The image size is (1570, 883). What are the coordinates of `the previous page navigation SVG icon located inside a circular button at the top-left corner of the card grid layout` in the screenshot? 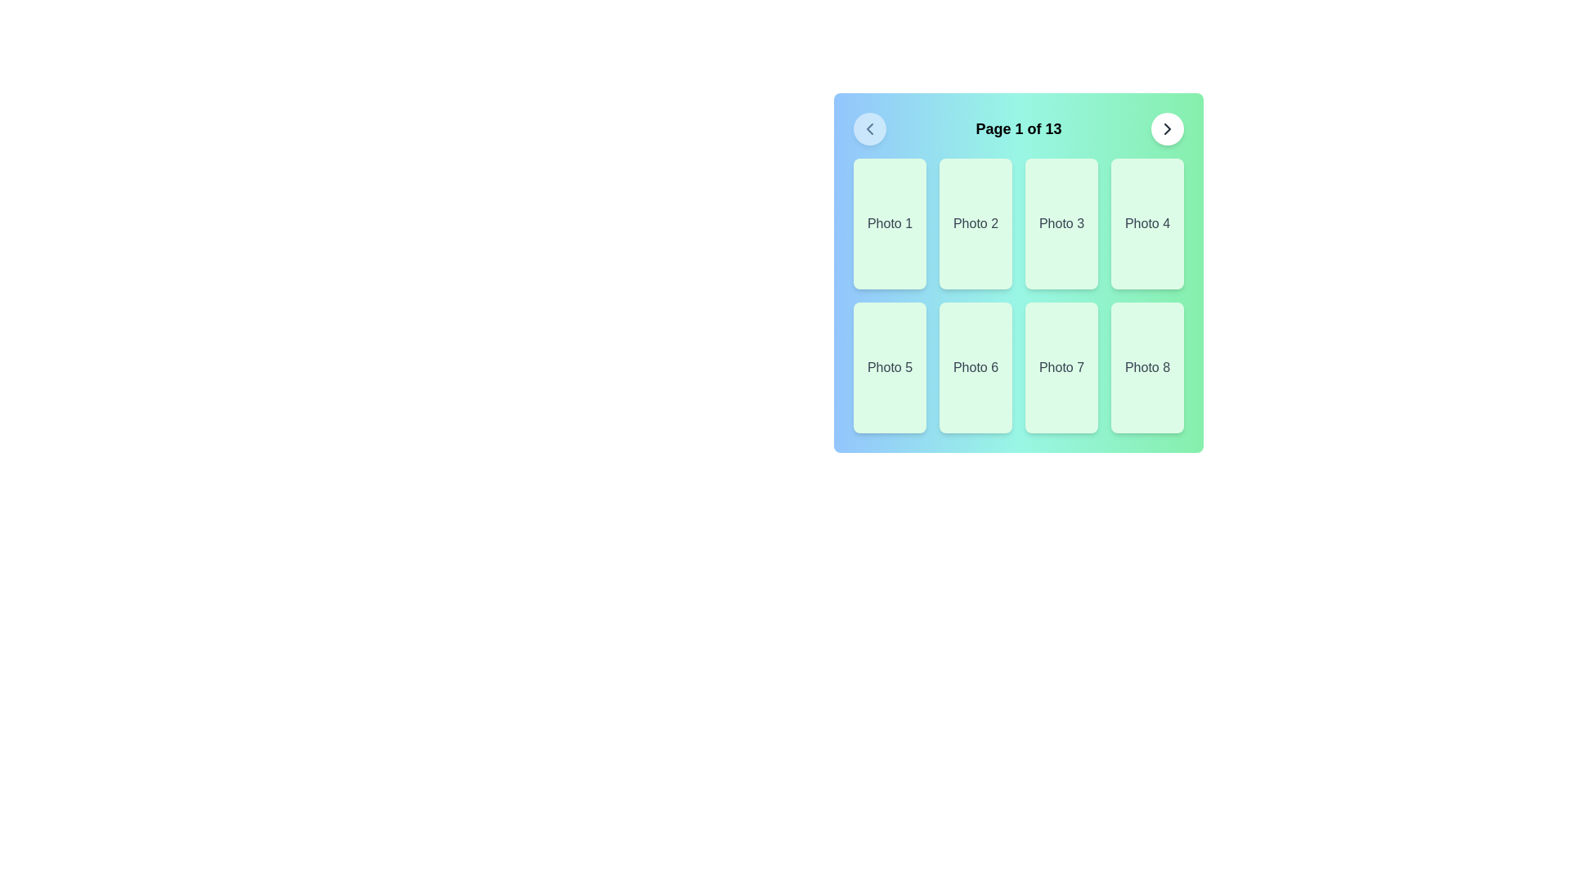 It's located at (869, 128).